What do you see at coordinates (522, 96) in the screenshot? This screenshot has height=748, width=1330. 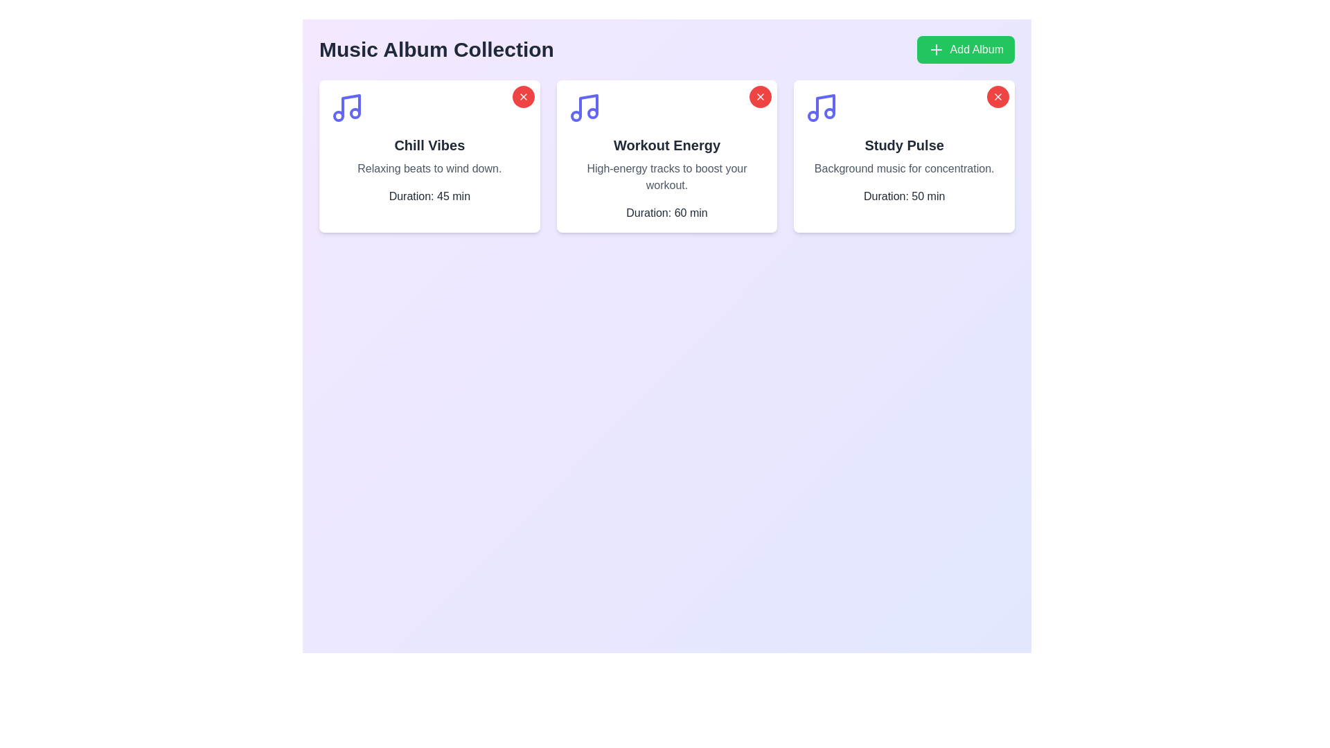 I see `the red circular button with a white 'X' icon located in the top-right corner of the 'Chill Vibes' album card` at bounding box center [522, 96].